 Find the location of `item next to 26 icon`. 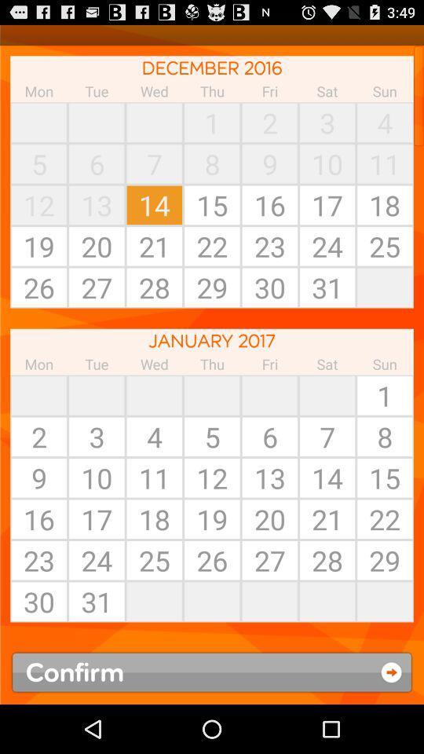

item next to 26 icon is located at coordinates (154, 601).